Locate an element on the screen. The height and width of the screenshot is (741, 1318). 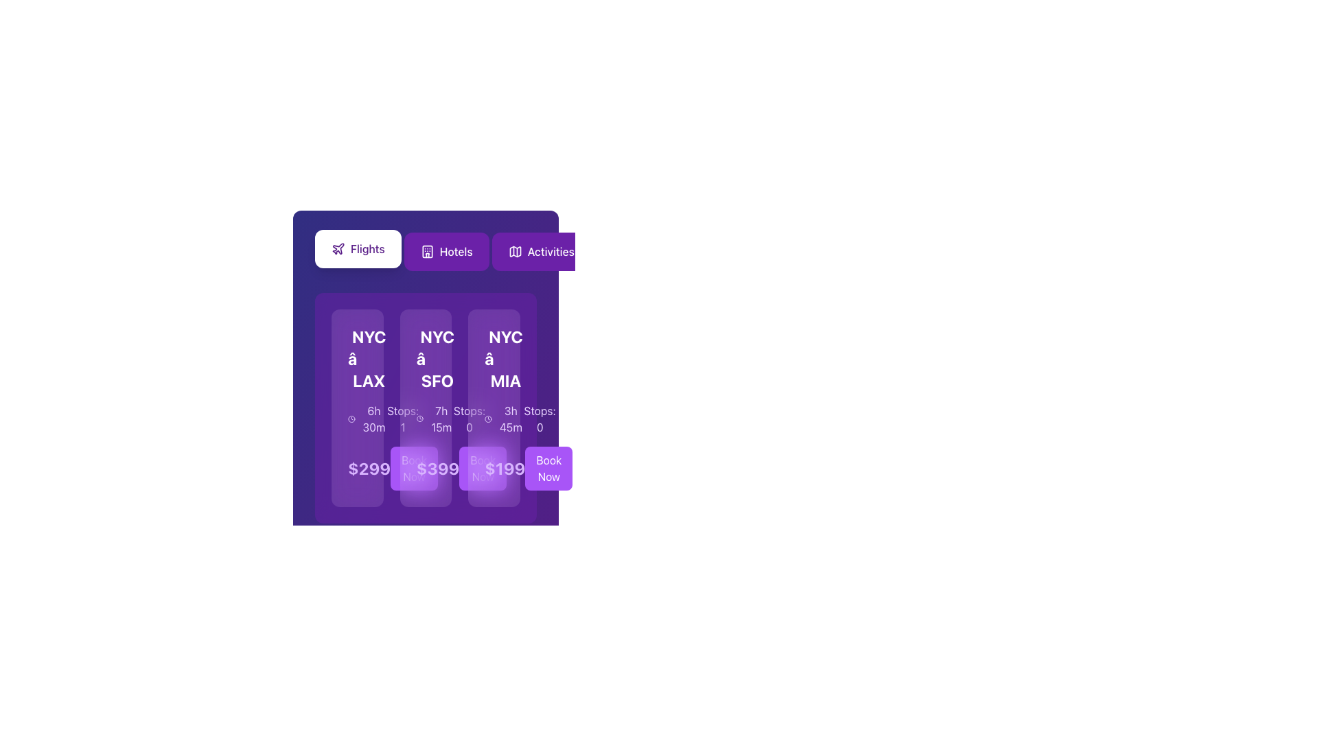
text content of the Text label displaying '7h 15m', which is in bold white font on a vibrant purple background, located below the city-to-city text is located at coordinates (441, 418).